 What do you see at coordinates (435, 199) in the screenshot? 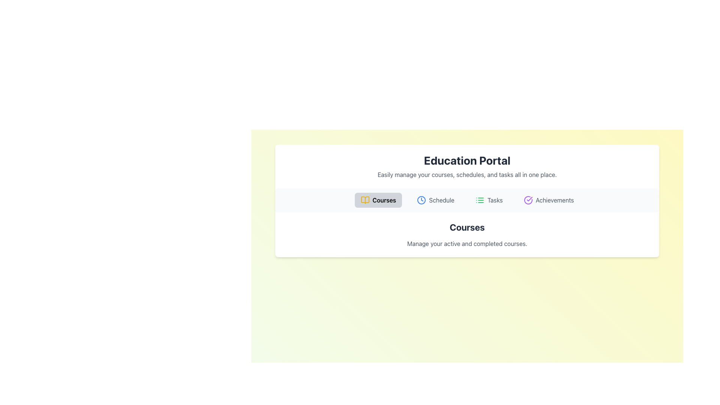
I see `the Navigation Button located in the horizontal navigation bar beneath the 'Education Portal' title, which is the second tab to the right of the 'Courses' tab` at bounding box center [435, 199].